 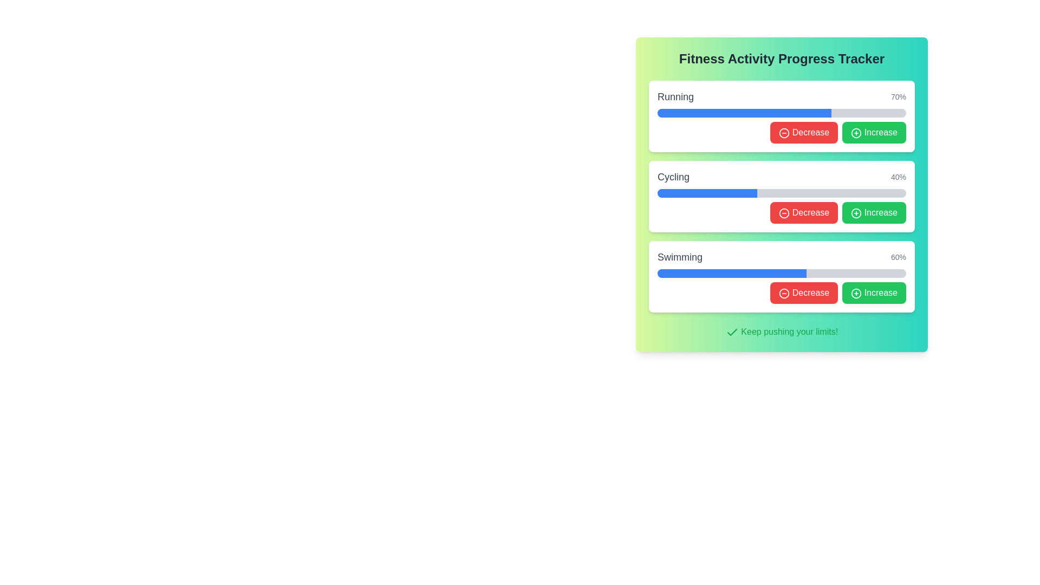 I want to click on the 'Increase' button on the second card in the 'Fitness Activity Progress Tracker' which displays a progress bar and the text 'Cycling', so click(x=782, y=196).